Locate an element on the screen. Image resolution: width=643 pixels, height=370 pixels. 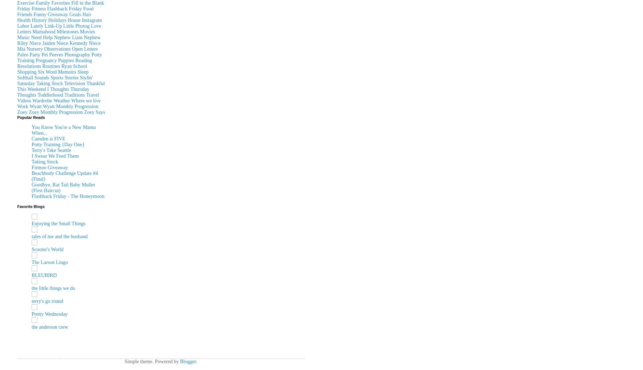
'Labor' is located at coordinates (17, 26).